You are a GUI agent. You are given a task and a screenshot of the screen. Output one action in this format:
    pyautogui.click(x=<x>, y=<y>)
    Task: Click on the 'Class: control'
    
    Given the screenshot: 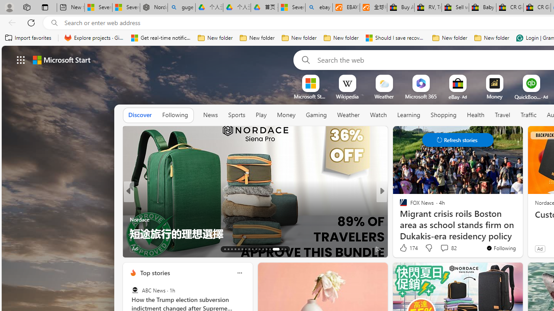 What is the action you would take?
    pyautogui.click(x=457, y=140)
    